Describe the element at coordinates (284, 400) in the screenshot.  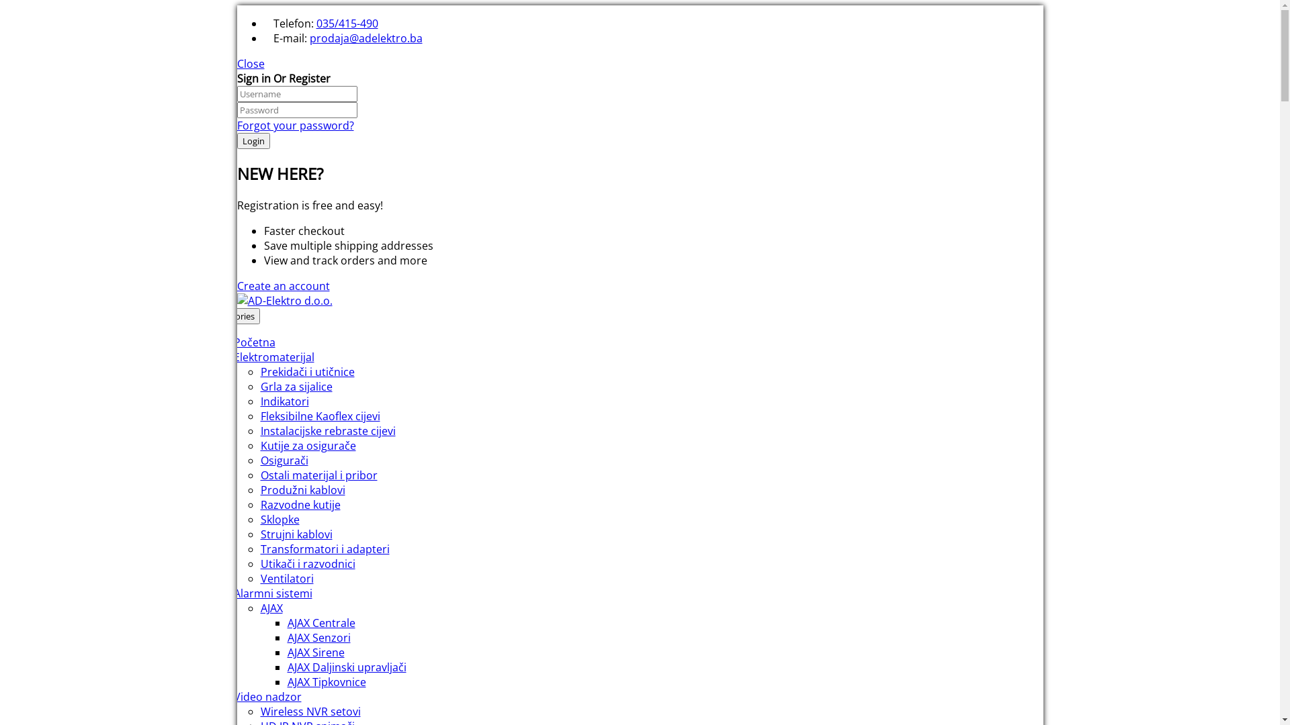
I see `'Indikatori'` at that location.